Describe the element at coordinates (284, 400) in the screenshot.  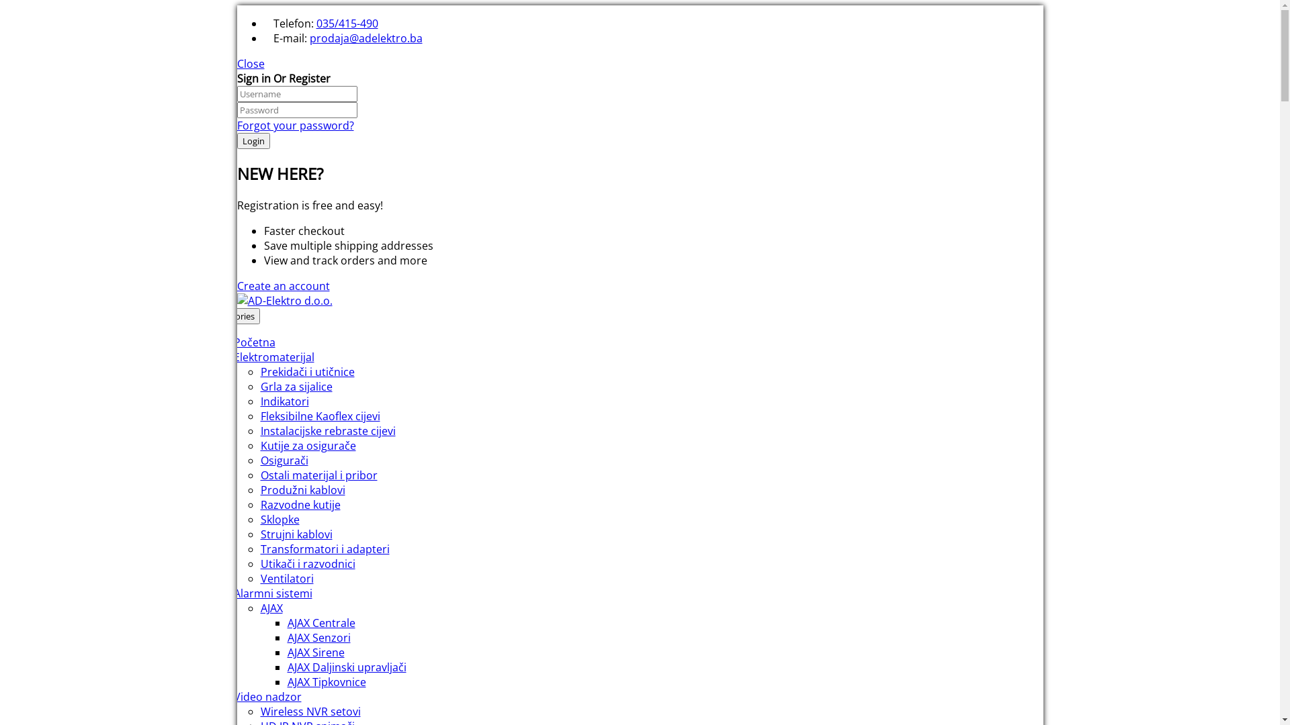
I see `'Indikatori'` at that location.